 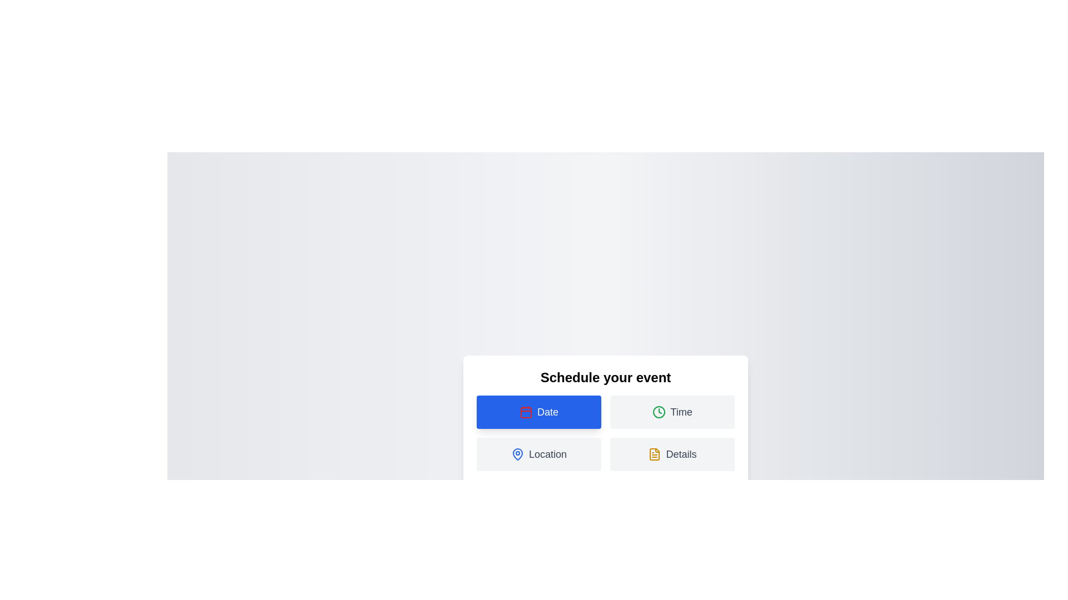 I want to click on the circular SVG element with a green border that serves as the main circumference of the clock illustration within the 'Time' button located in the top-right corner of the button grid, so click(x=659, y=412).